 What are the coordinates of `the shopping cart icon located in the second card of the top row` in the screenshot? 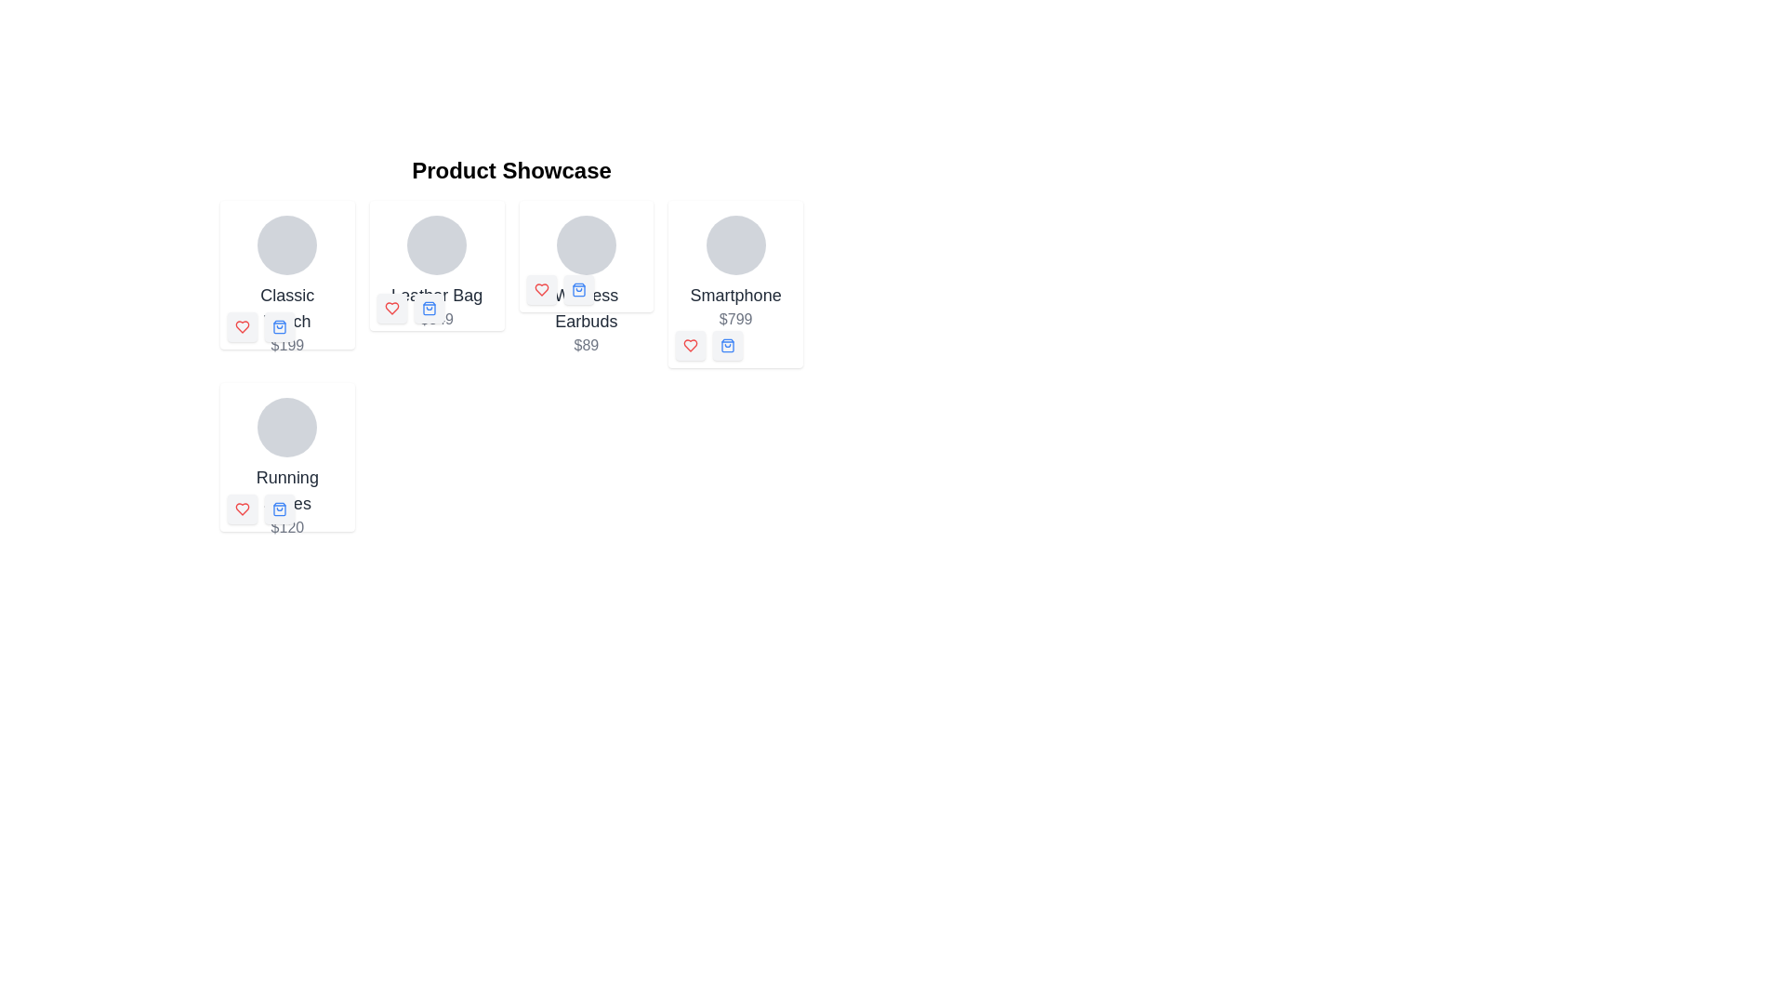 It's located at (279, 325).